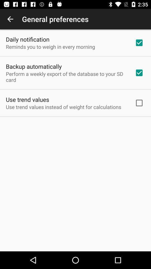 Image resolution: width=151 pixels, height=269 pixels. What do you see at coordinates (67, 76) in the screenshot?
I see `the perform a weekly icon` at bounding box center [67, 76].